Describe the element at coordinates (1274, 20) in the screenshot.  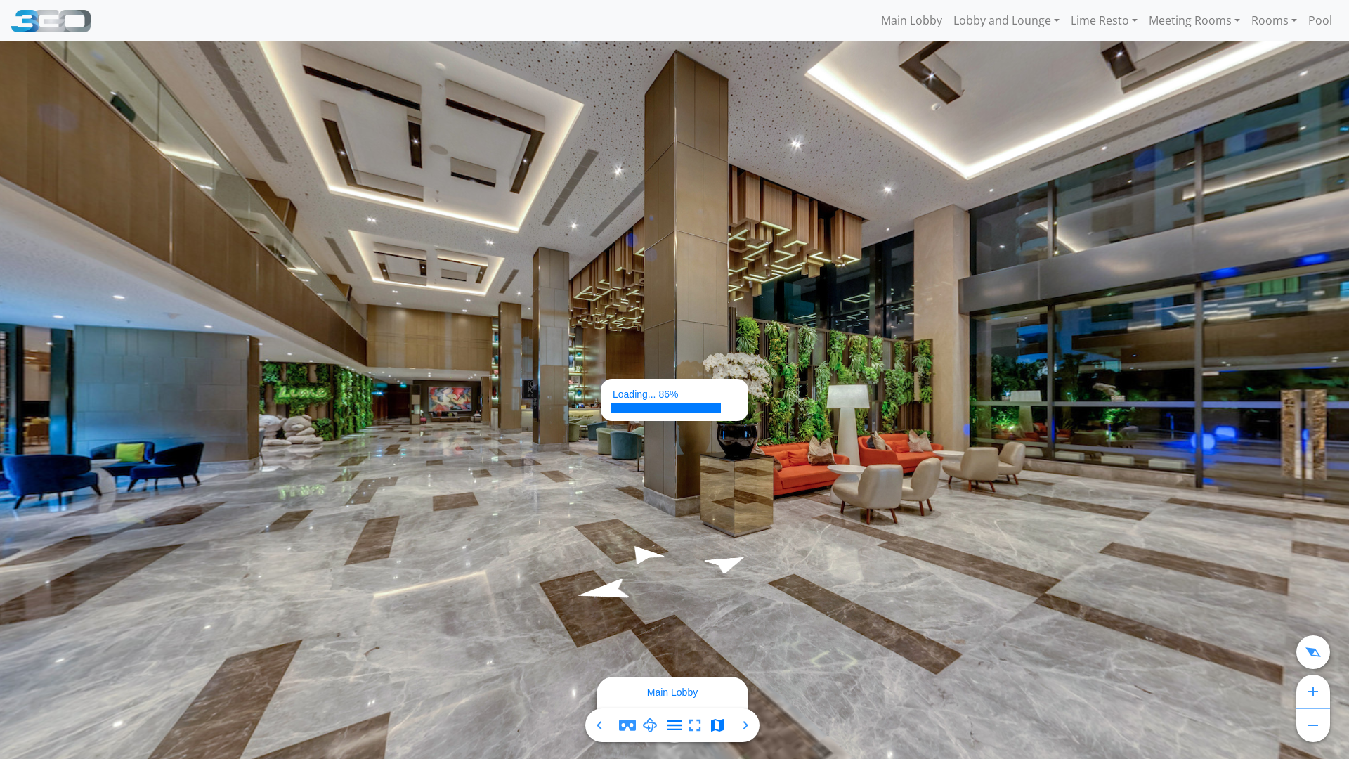
I see `'Rooms'` at that location.